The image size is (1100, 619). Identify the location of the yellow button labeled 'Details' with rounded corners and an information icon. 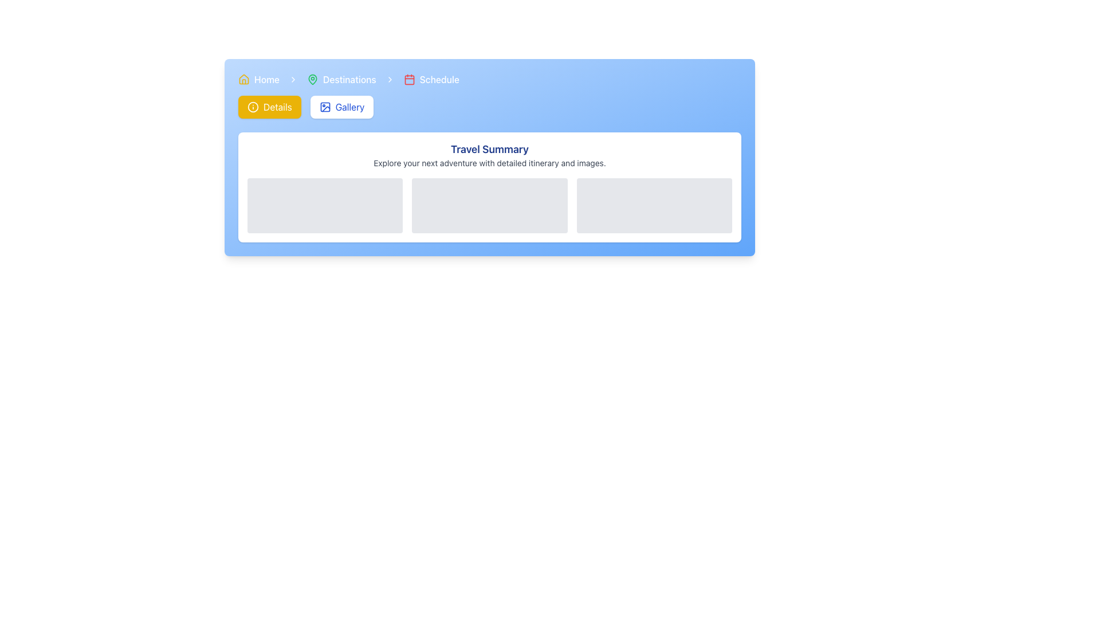
(269, 107).